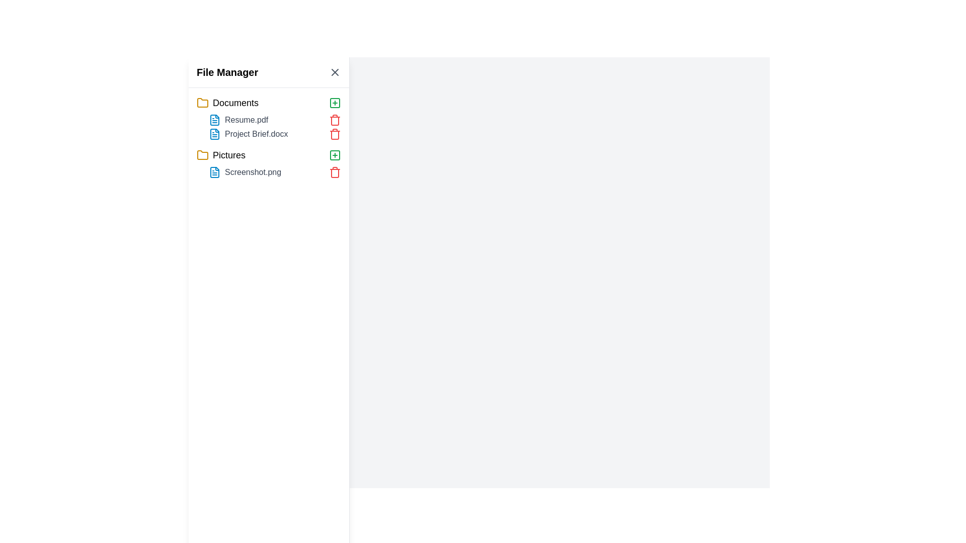  What do you see at coordinates (335, 120) in the screenshot?
I see `the red trash bin icon button located to the right of the text 'Resume.pdf', which is used` at bounding box center [335, 120].